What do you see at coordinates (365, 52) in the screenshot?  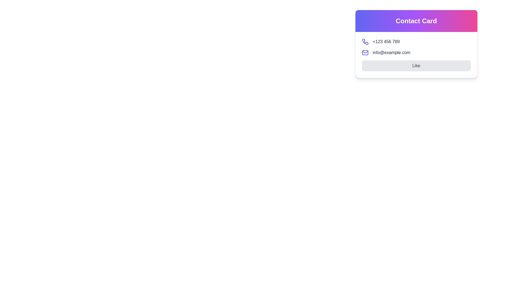 I see `the upper line of the envelope in the mail icon located in the contact card, situated between the phone icon and the email address text` at bounding box center [365, 52].